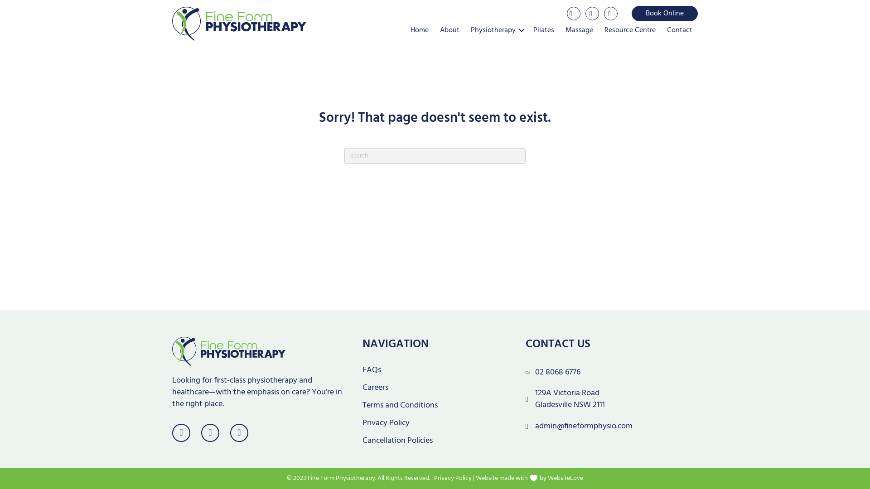 The image size is (870, 489). Describe the element at coordinates (435, 155) in the screenshot. I see `'Type and press Enter to search.'` at that location.